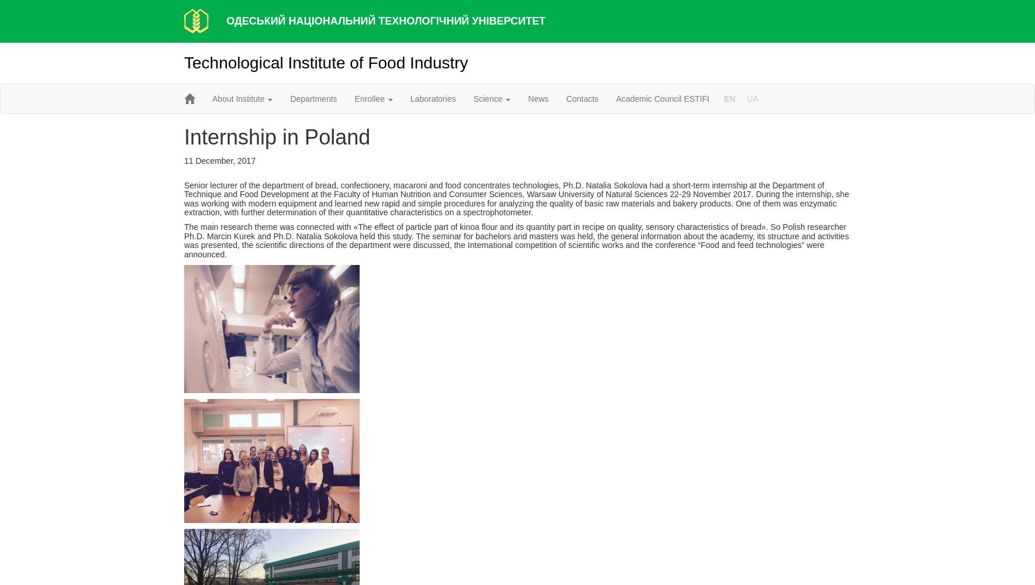  I want to click on 'Departments', so click(313, 99).